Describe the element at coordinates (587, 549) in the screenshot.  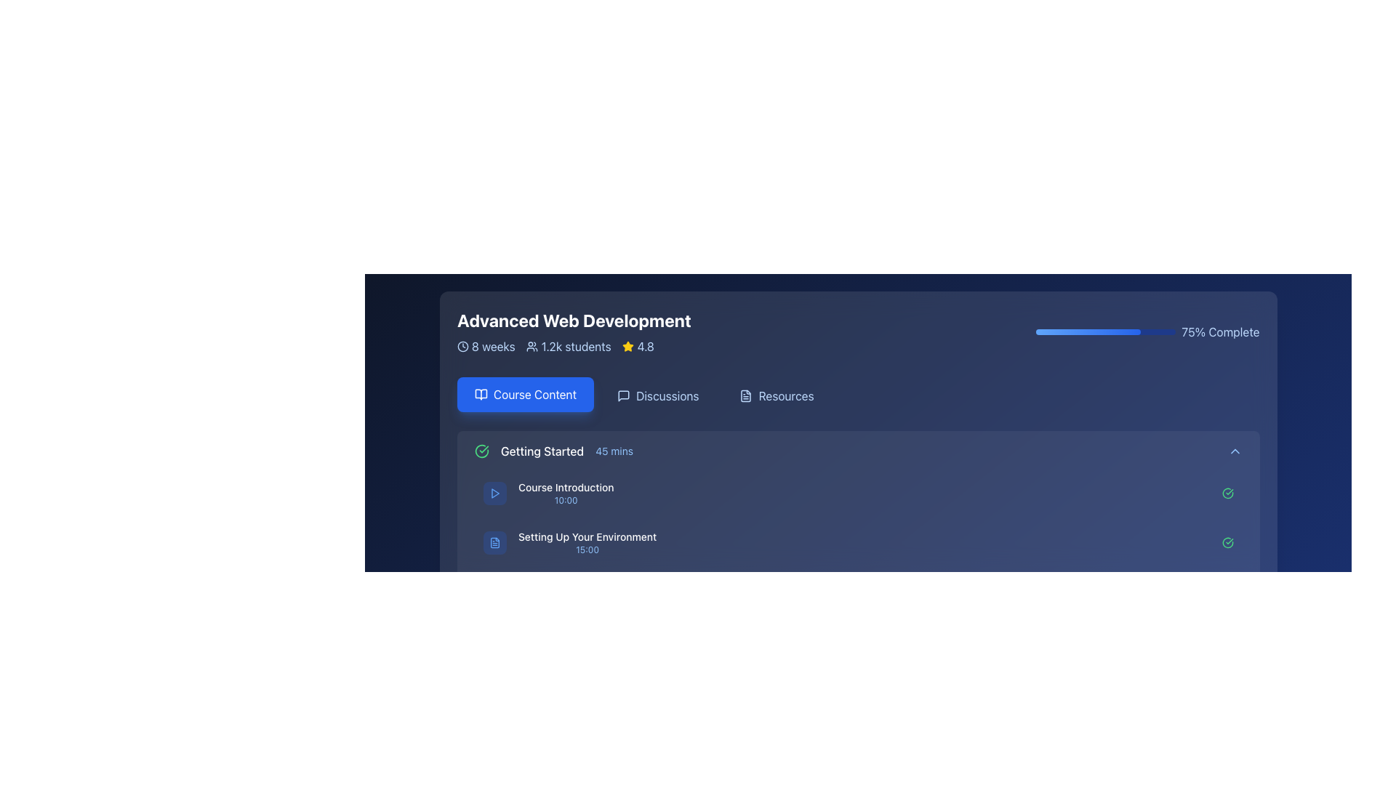
I see `the static text label displaying '15:00', which is styled with a smaller font size and a light blue color, located directly below the 'Setting Up Your Environment' text` at that location.